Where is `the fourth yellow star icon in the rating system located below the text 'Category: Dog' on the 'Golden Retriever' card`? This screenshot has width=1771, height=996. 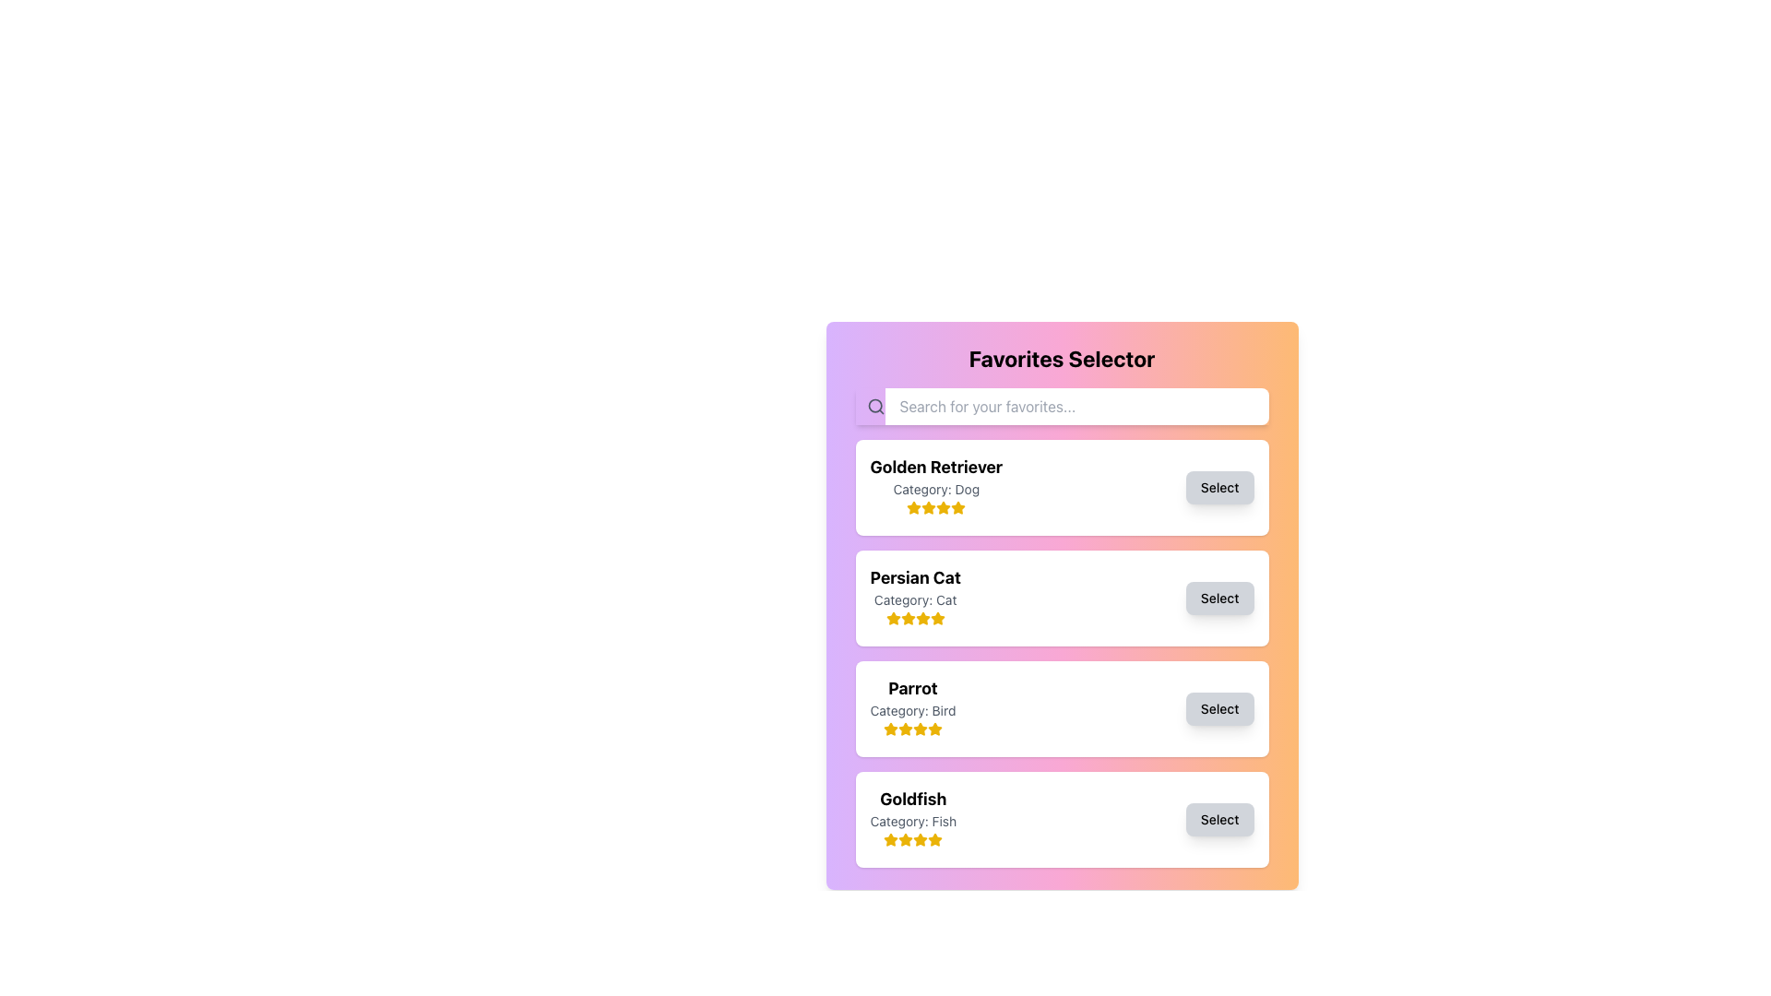
the fourth yellow star icon in the rating system located below the text 'Category: Dog' on the 'Golden Retriever' card is located at coordinates (936, 508).